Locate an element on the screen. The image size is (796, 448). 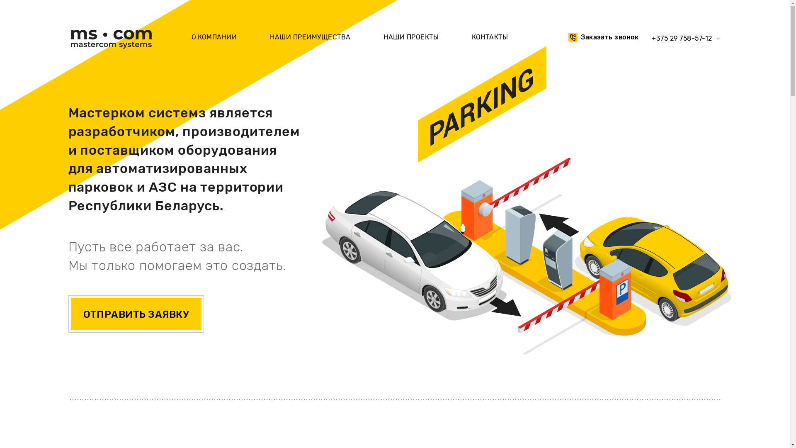
'+375 29 758-57-12' is located at coordinates (682, 38).